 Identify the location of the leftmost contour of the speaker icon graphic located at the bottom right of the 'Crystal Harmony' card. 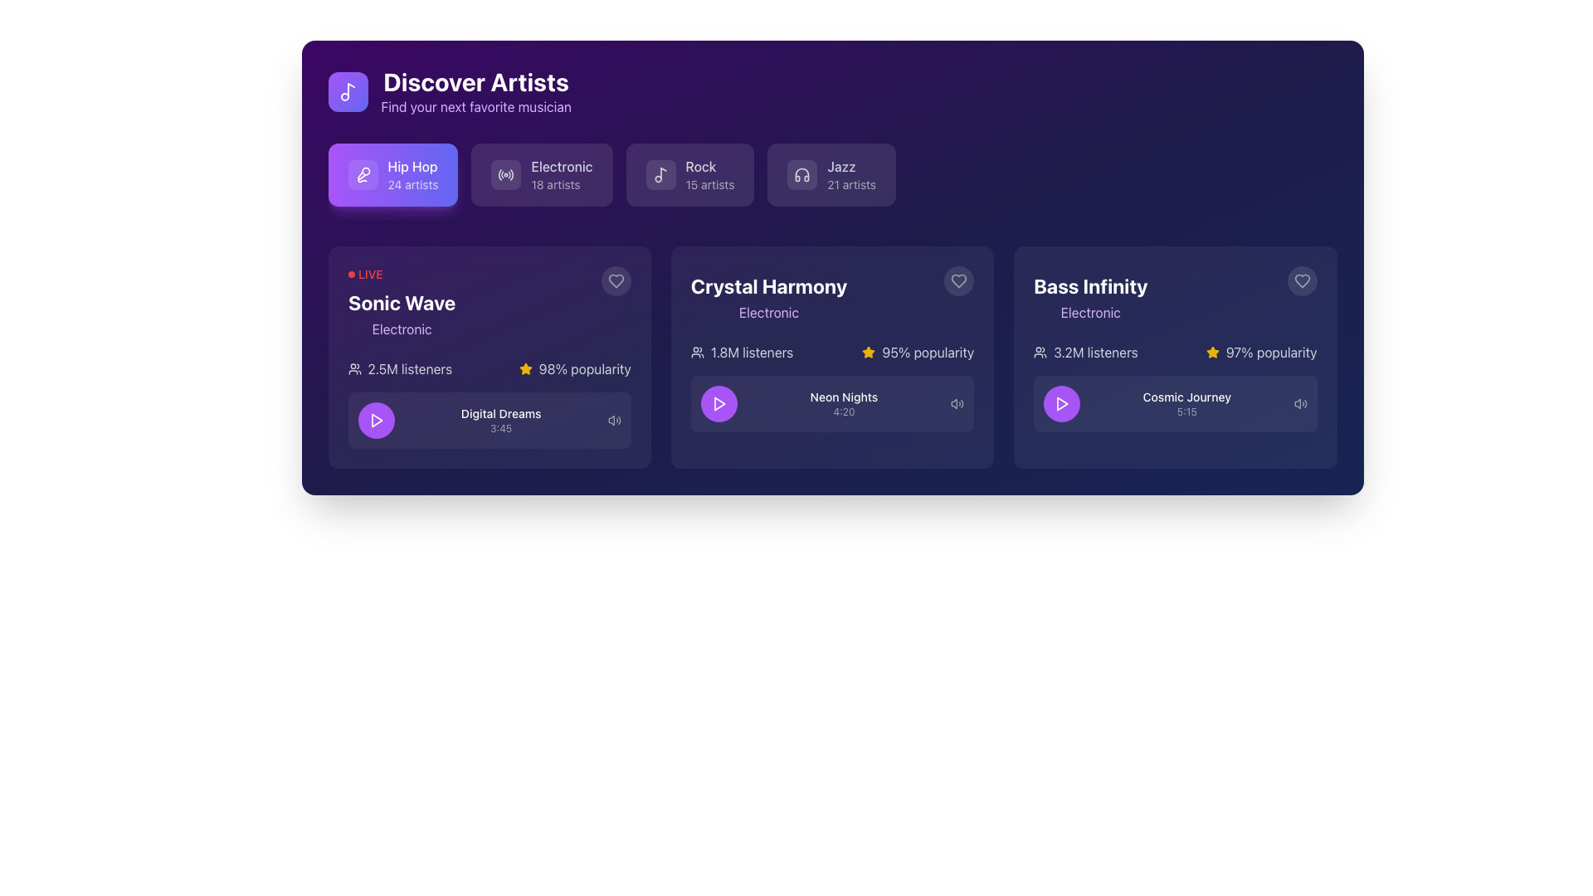
(954, 403).